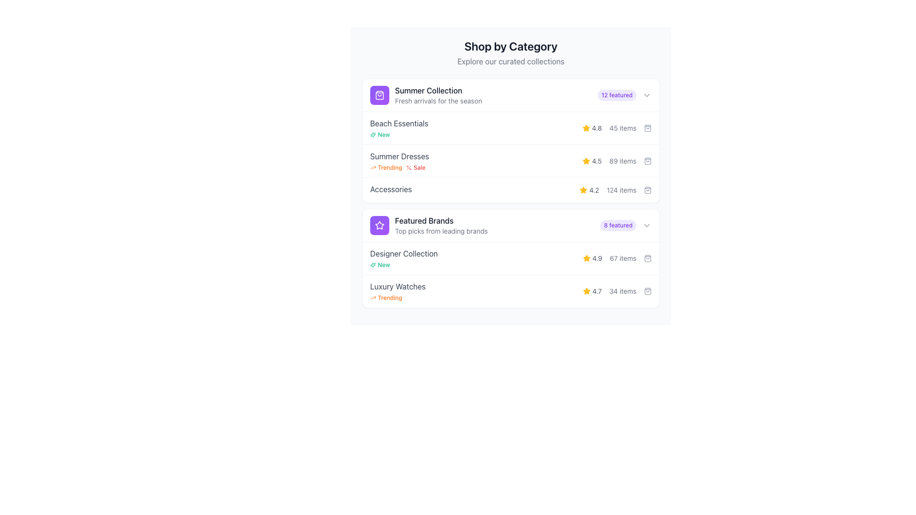 The height and width of the screenshot is (515, 916). What do you see at coordinates (623, 161) in the screenshot?
I see `informational text displaying '89 items' located in the rightmost part of the section below the 'Summer Dresses' title in the second card under the 'Shop by Category' panel` at bounding box center [623, 161].